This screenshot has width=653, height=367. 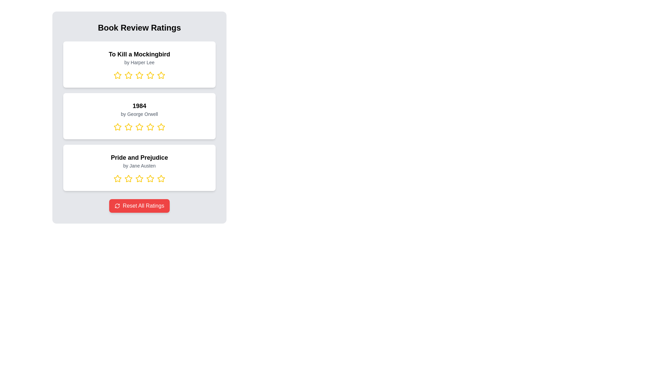 What do you see at coordinates (150, 75) in the screenshot?
I see `the rating for a book by selecting 4 stars for the book titled To Kill a Mockingbird` at bounding box center [150, 75].